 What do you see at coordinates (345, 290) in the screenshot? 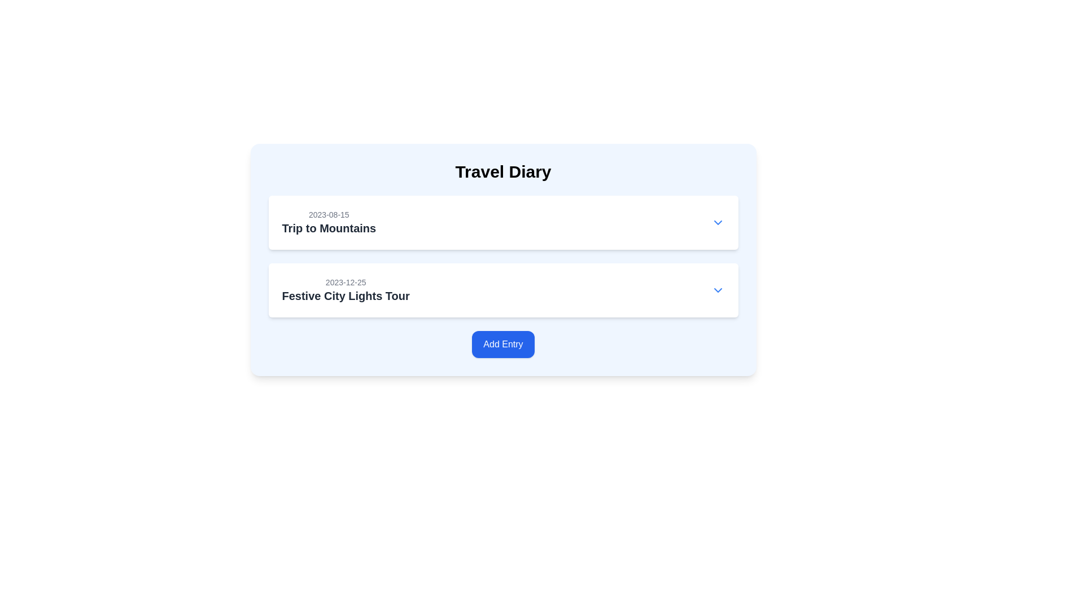
I see `the text label displaying '2023-12-25' and 'Festive City Lights Tour' in the Travel Diary section` at bounding box center [345, 290].